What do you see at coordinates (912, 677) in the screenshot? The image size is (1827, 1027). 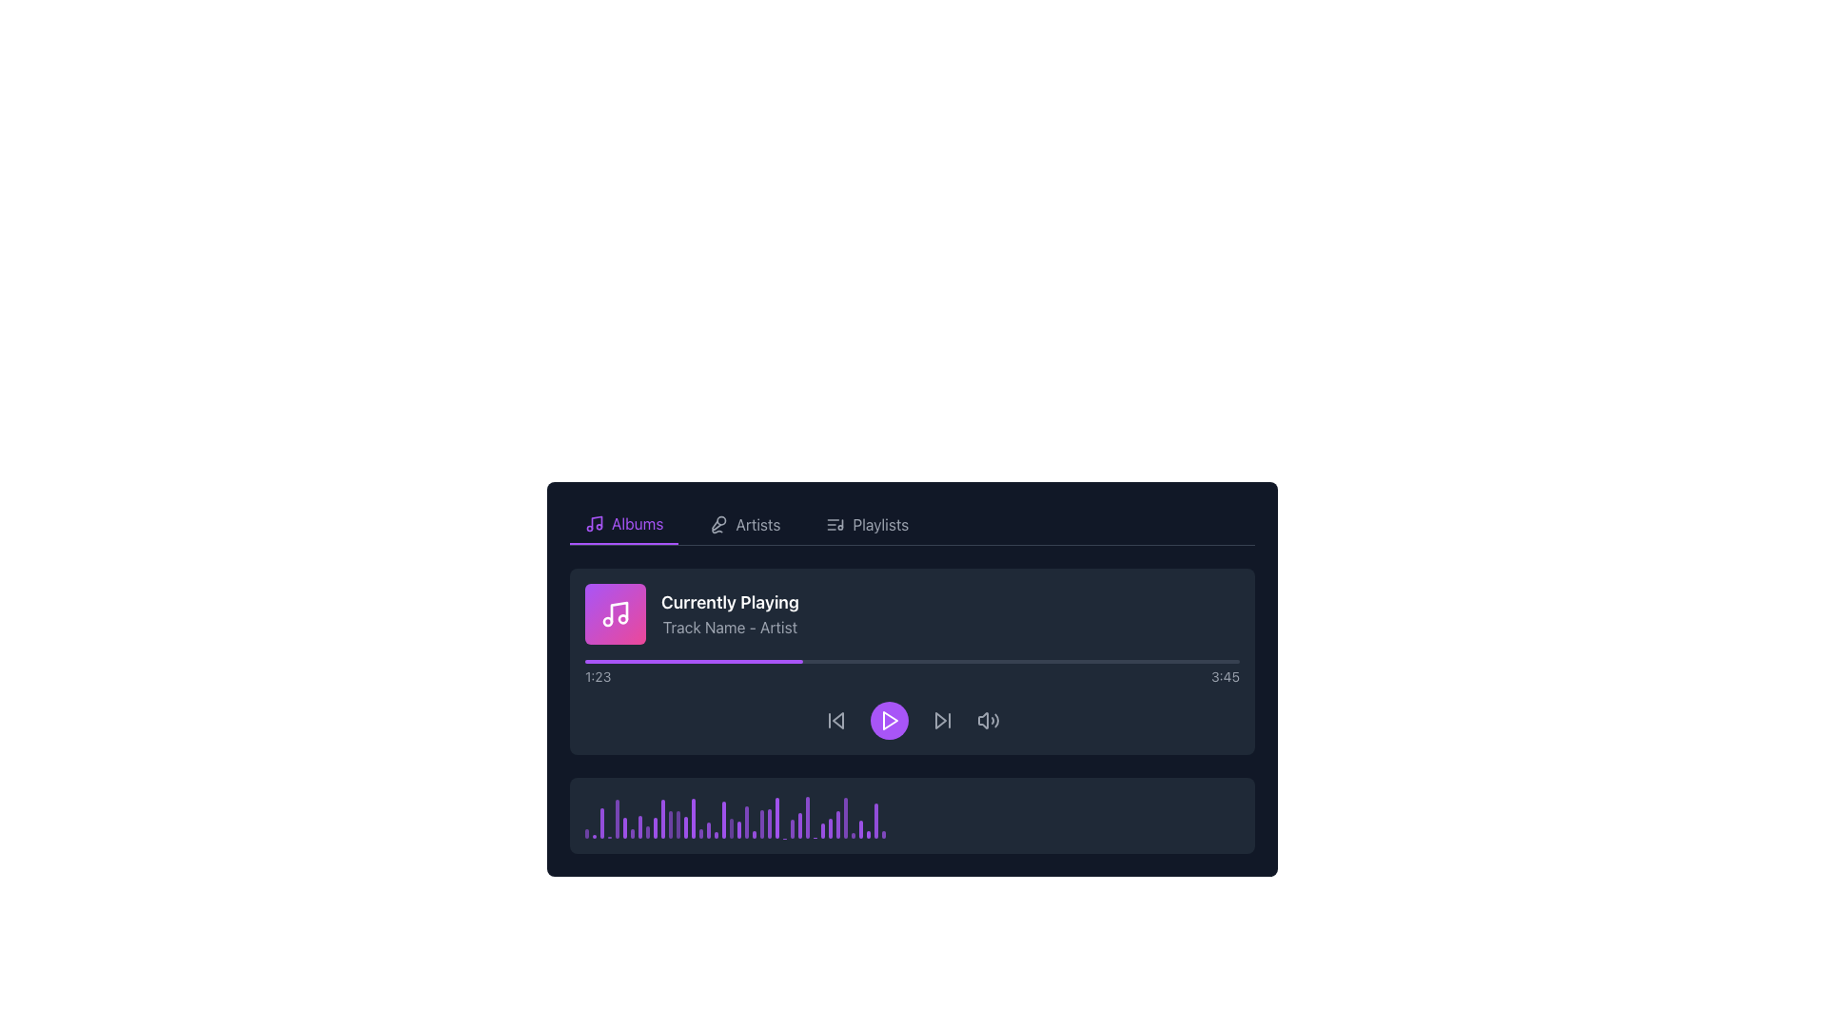 I see `the 'Currently Playing' section of the composite widget to control playback` at bounding box center [912, 677].